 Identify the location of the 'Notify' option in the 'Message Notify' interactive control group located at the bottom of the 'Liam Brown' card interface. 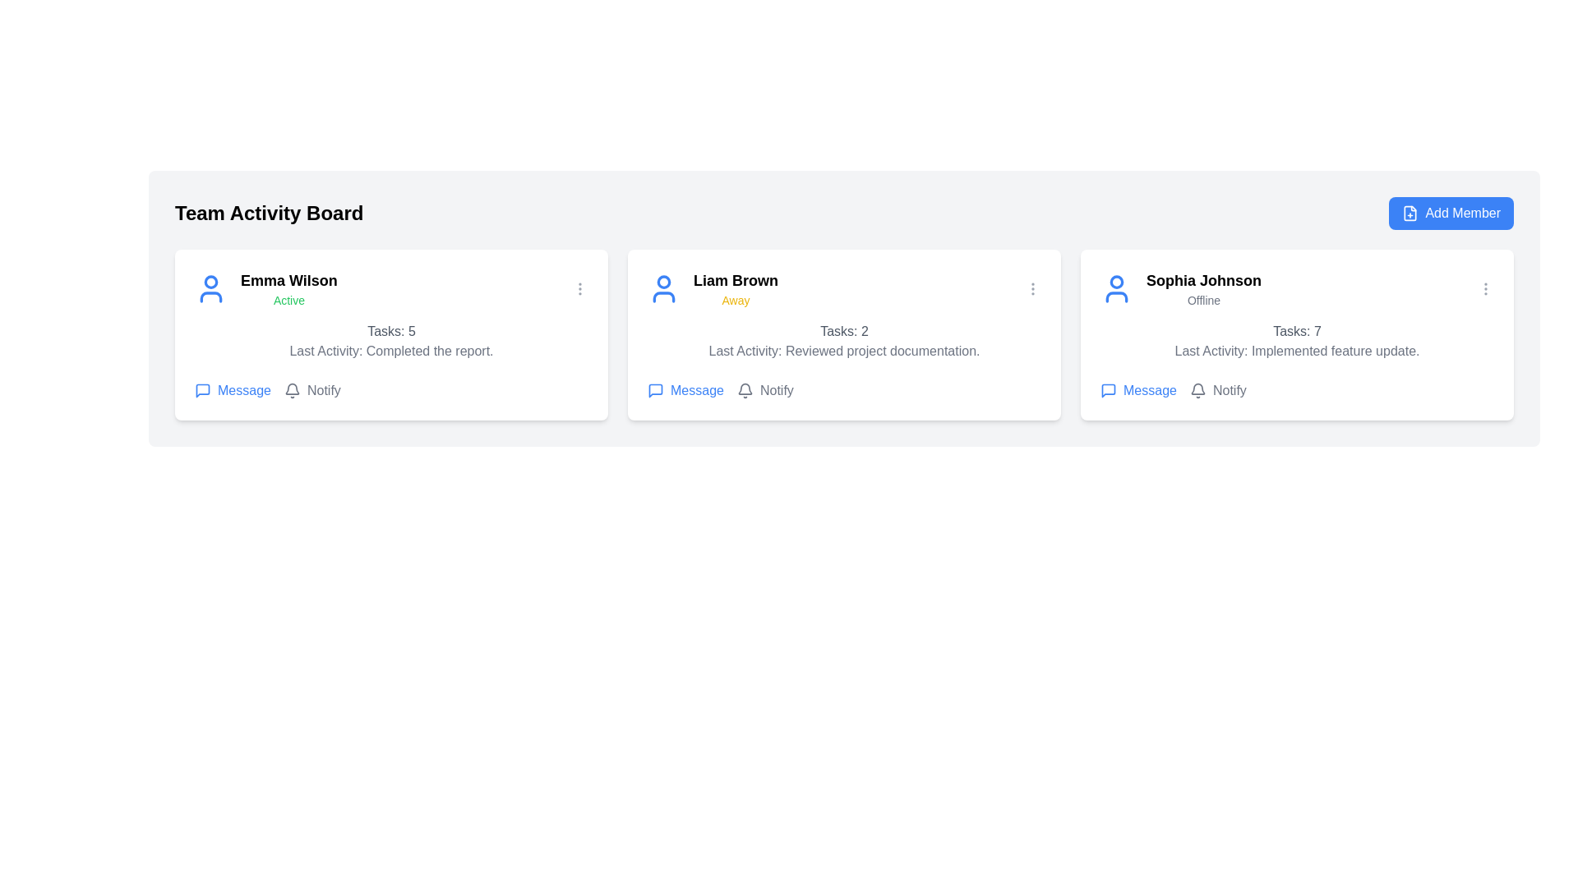
(844, 390).